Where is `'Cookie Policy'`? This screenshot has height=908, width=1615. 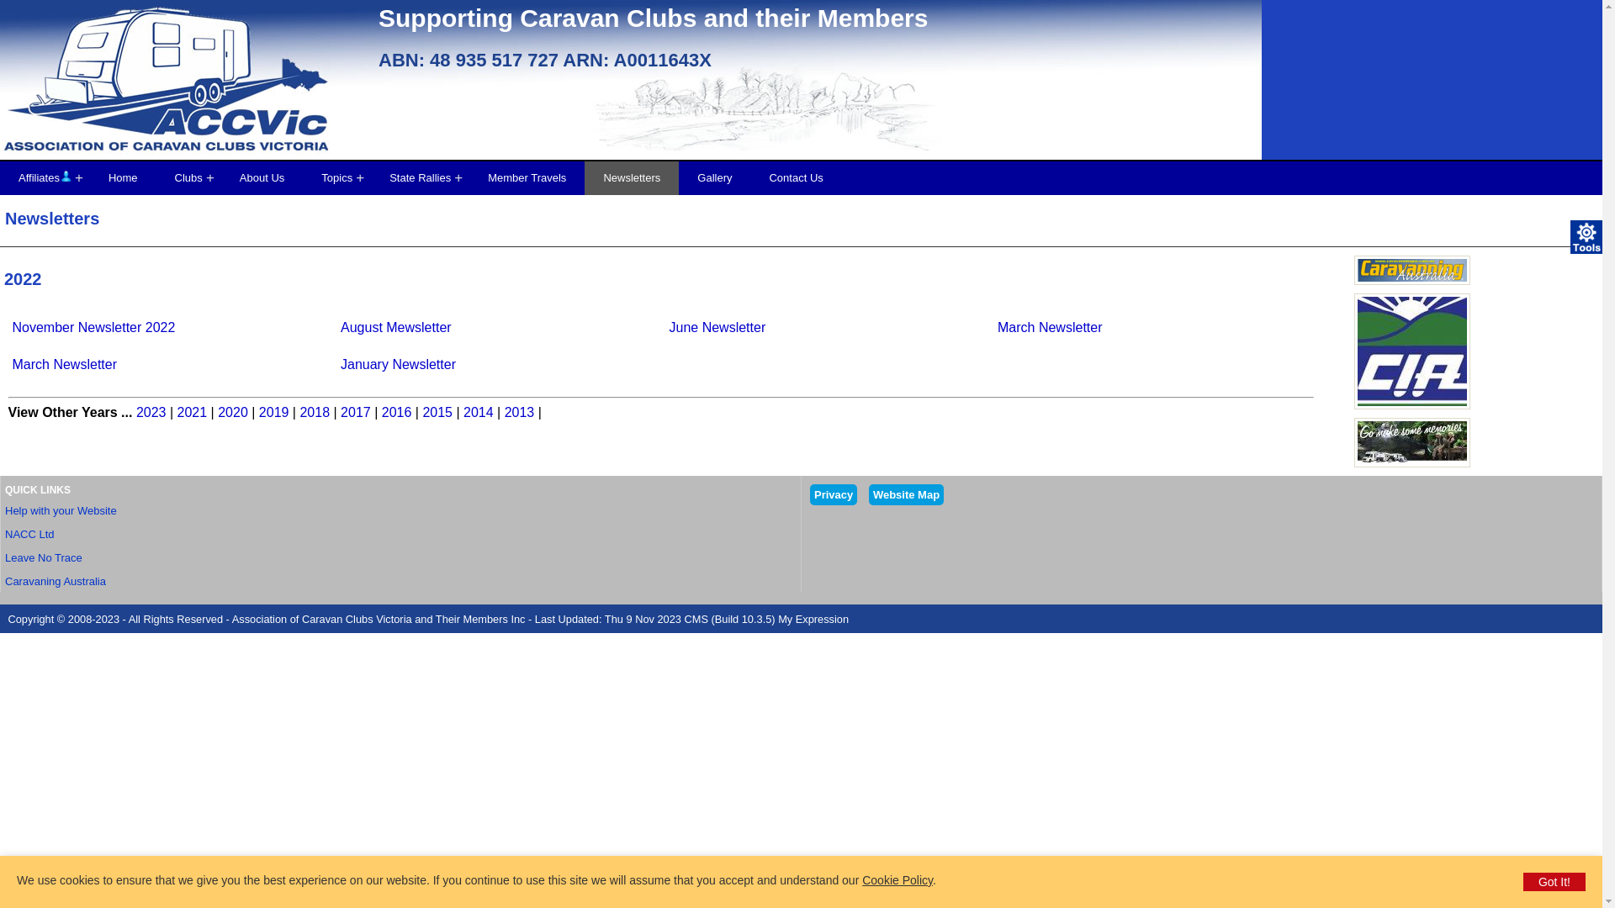
'Cookie Policy' is located at coordinates (896, 879).